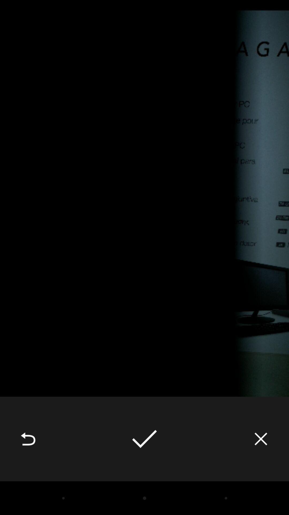 The image size is (289, 515). I want to click on the icon at the bottom left corner, so click(28, 439).